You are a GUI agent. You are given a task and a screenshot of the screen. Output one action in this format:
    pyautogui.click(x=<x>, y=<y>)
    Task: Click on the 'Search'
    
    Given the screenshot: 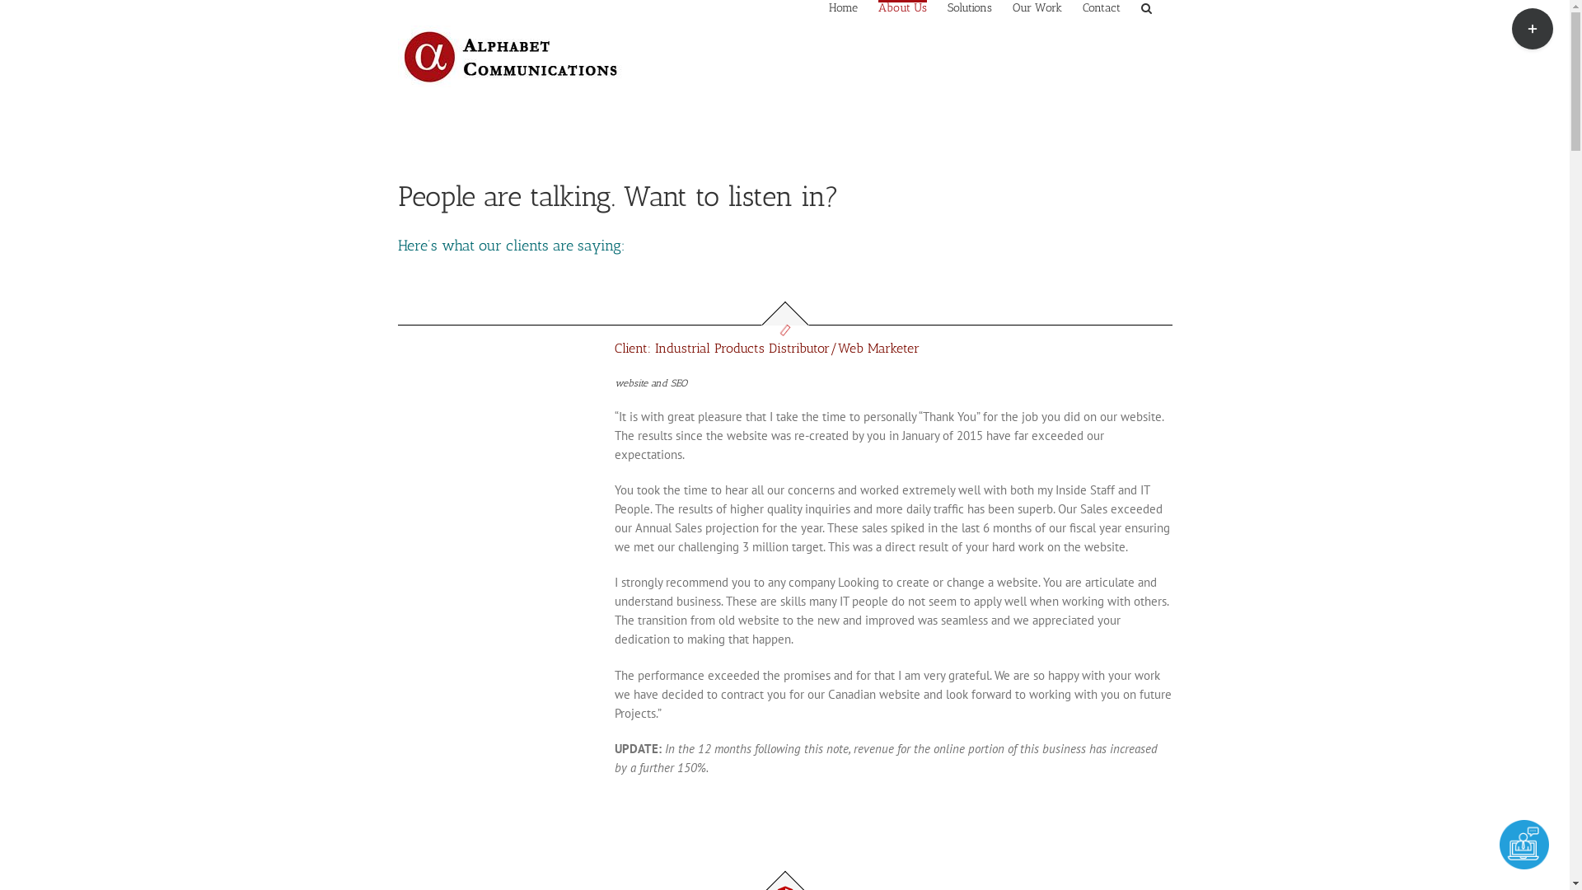 What is the action you would take?
    pyautogui.click(x=1144, y=7)
    